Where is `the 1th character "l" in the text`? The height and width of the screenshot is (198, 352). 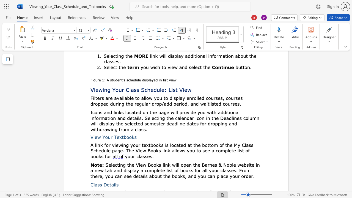 the 1th character "l" in the text is located at coordinates (94, 185).